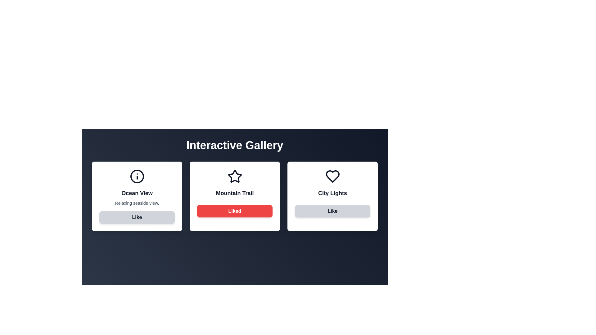 This screenshot has height=335, width=596. Describe the element at coordinates (234, 145) in the screenshot. I see `text displayed in the title Text Label at the top center of the interactive gallery interface` at that location.